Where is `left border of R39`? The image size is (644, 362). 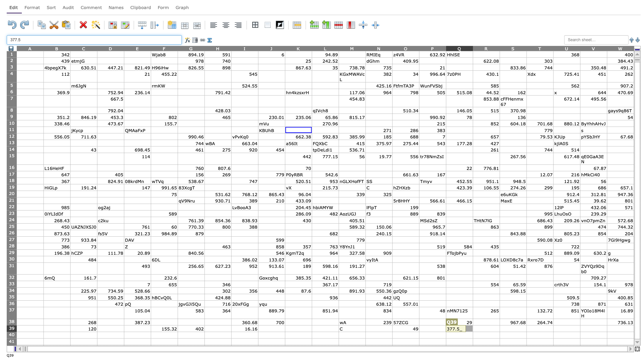 left border of R39 is located at coordinates (473, 328).